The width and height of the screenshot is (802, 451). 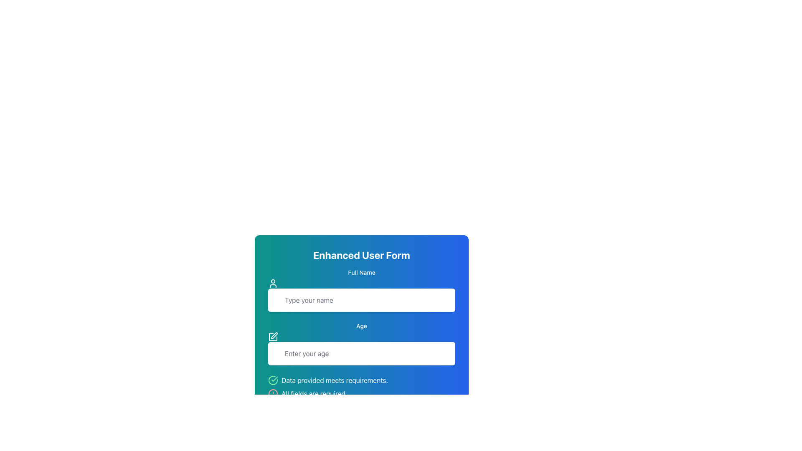 What do you see at coordinates (273, 283) in the screenshot?
I see `the user icon located to the left of the 'Type your name' input box in the 'Enhanced User Form' section` at bounding box center [273, 283].